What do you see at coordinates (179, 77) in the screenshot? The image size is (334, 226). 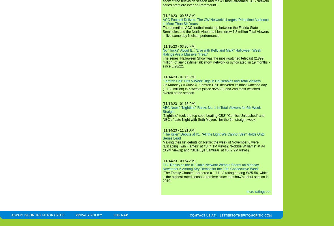 I see `'[11/14/23 - 01:16 PM]'` at bounding box center [179, 77].